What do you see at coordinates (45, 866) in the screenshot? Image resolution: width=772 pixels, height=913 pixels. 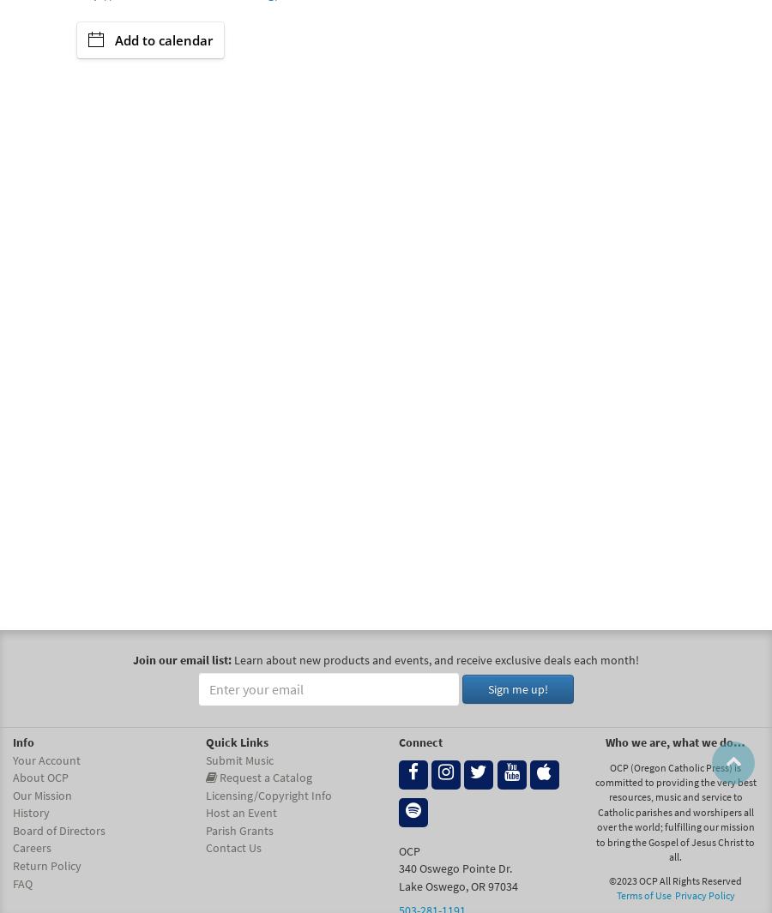 I see `'Return Policy'` at bounding box center [45, 866].